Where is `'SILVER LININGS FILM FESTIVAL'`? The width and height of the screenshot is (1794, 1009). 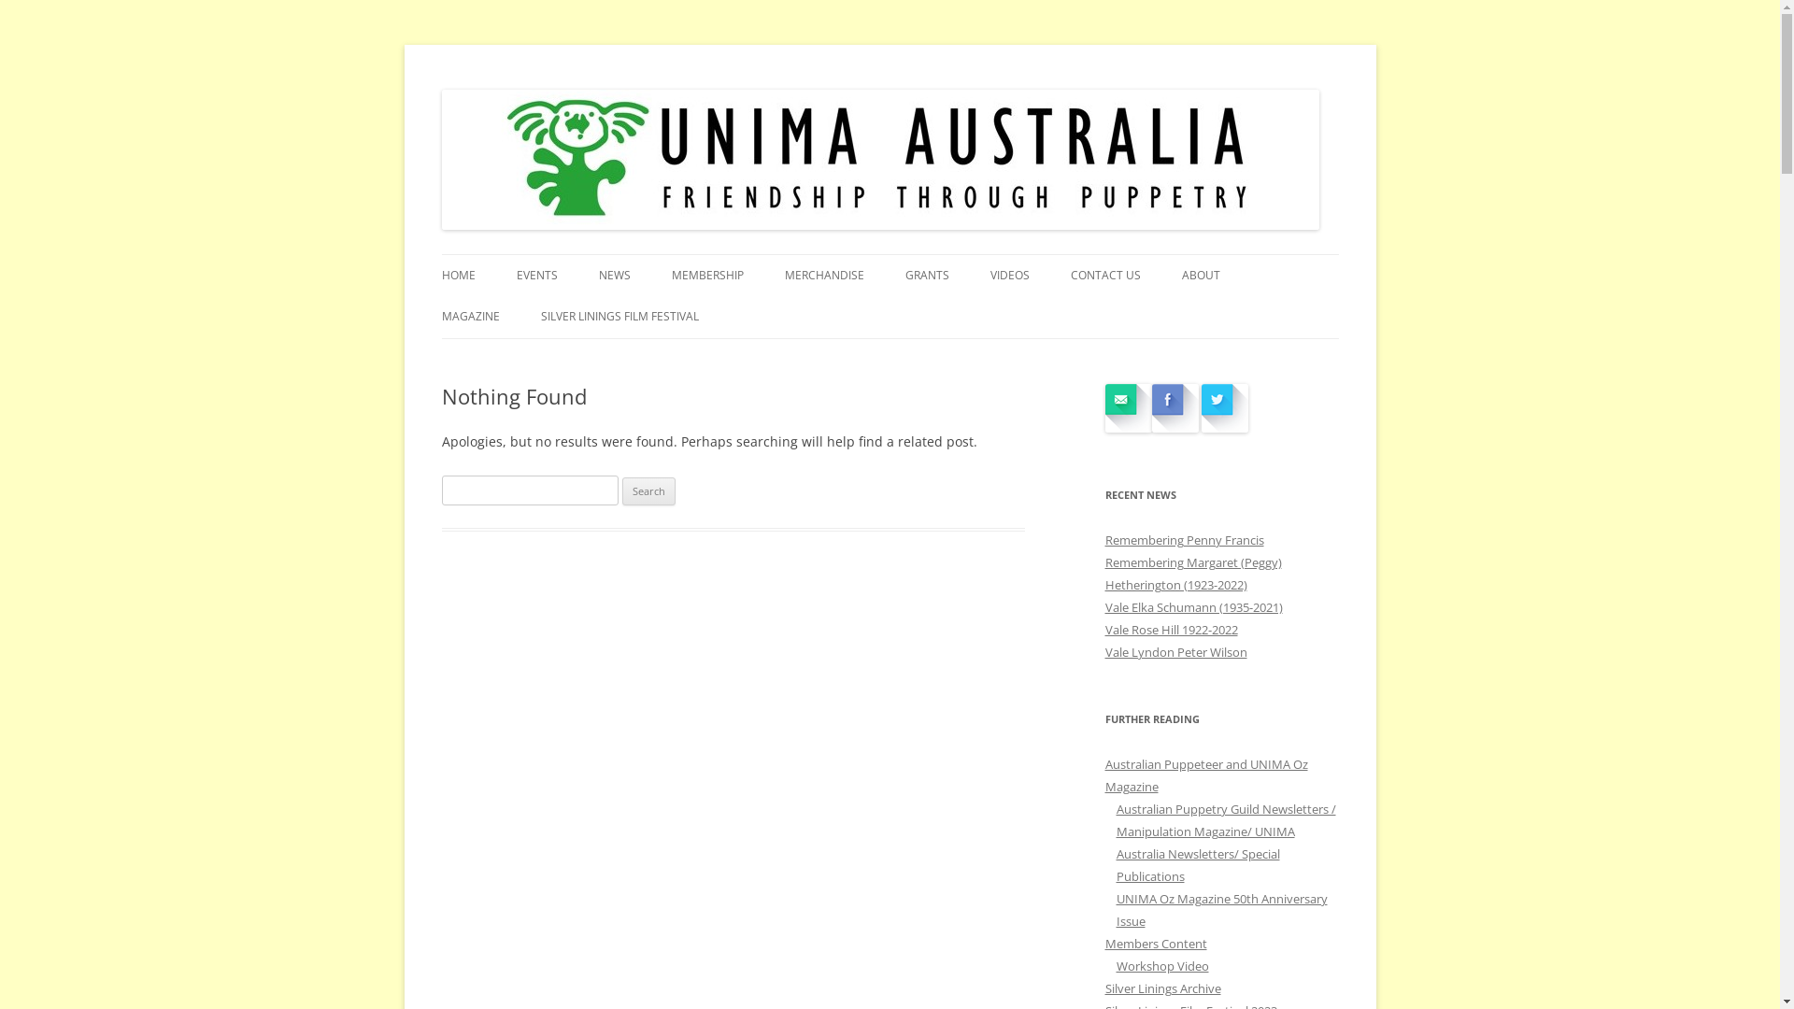 'SILVER LININGS FILM FESTIVAL' is located at coordinates (619, 316).